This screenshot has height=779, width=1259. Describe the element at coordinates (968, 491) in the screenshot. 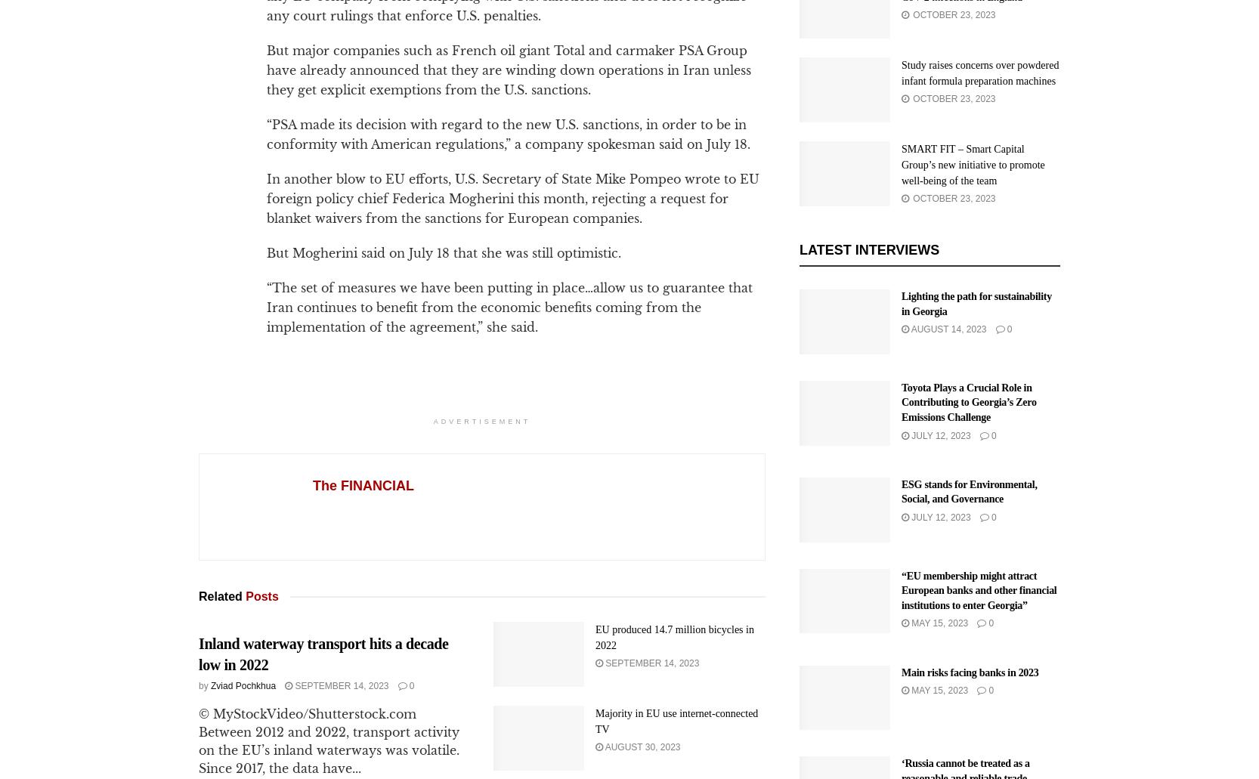

I see `'ESG stands for Environmental, Social, and Governance'` at that location.